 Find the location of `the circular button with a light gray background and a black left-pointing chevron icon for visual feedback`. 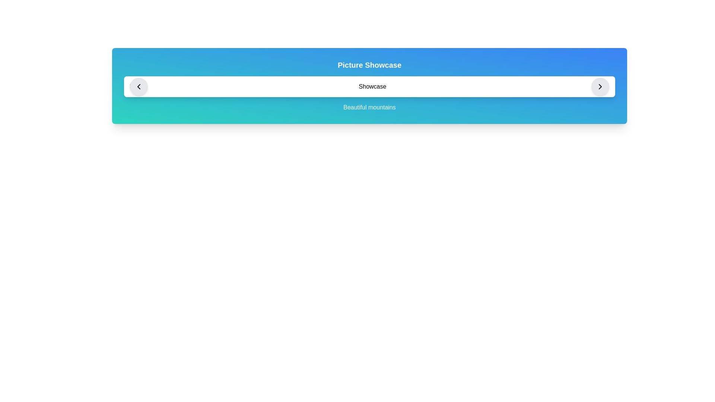

the circular button with a light gray background and a black left-pointing chevron icon for visual feedback is located at coordinates (139, 86).